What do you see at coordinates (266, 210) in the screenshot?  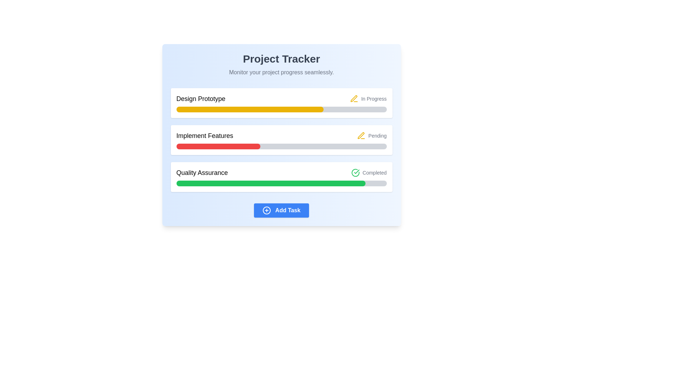 I see `the circular icon that serves as a visual indicator for the 'Add Task' button located at the bottom center of the interface, positioned to the left of the 'Add Task' text` at bounding box center [266, 210].